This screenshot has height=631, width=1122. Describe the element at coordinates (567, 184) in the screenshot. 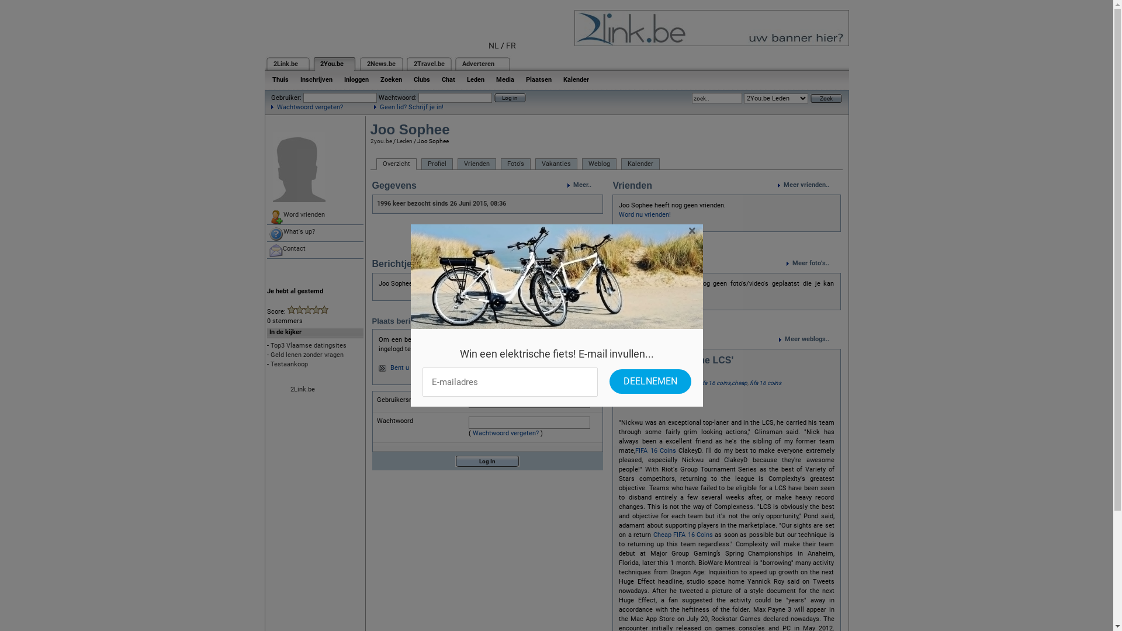

I see `'Meer..'` at that location.